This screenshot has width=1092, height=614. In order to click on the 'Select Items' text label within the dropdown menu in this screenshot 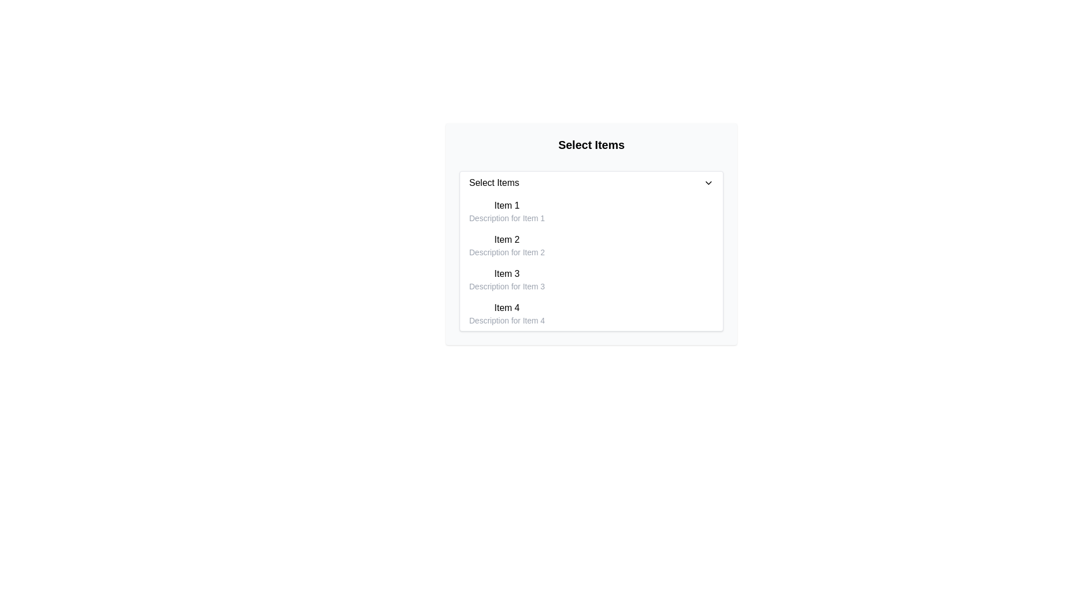, I will do `click(494, 182)`.